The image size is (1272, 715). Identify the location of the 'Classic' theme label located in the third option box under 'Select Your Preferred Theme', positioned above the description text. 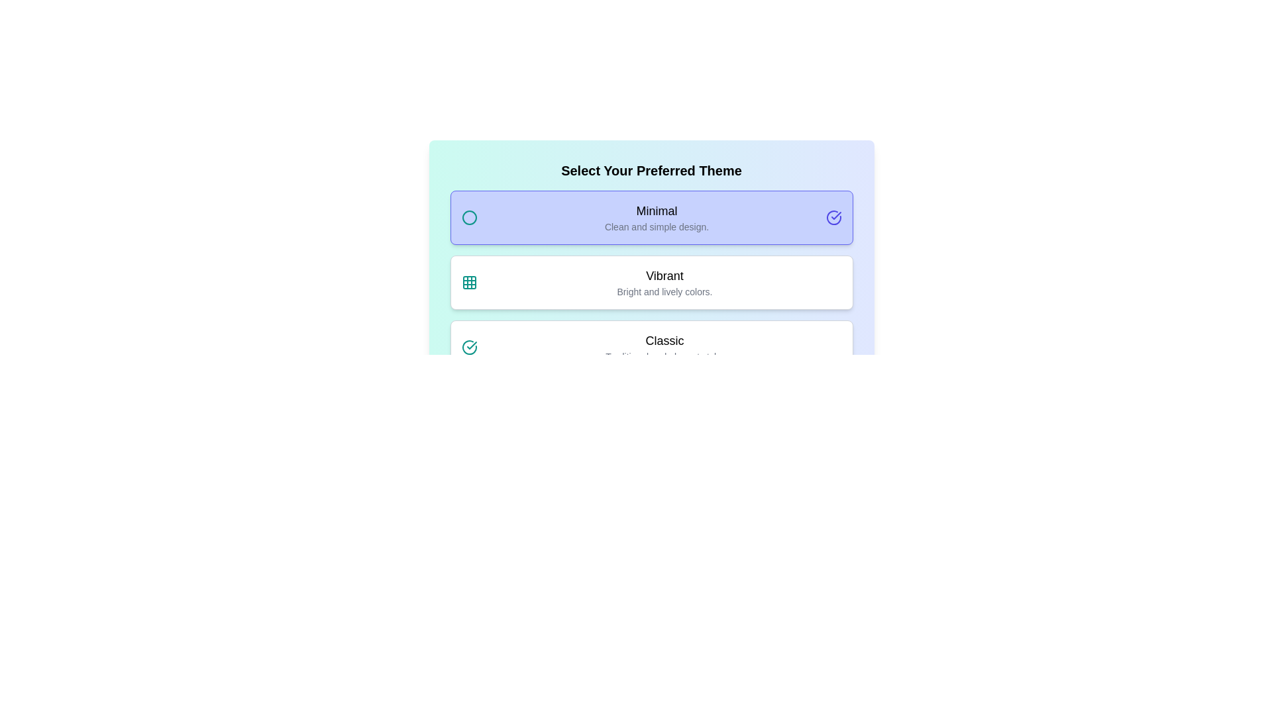
(664, 340).